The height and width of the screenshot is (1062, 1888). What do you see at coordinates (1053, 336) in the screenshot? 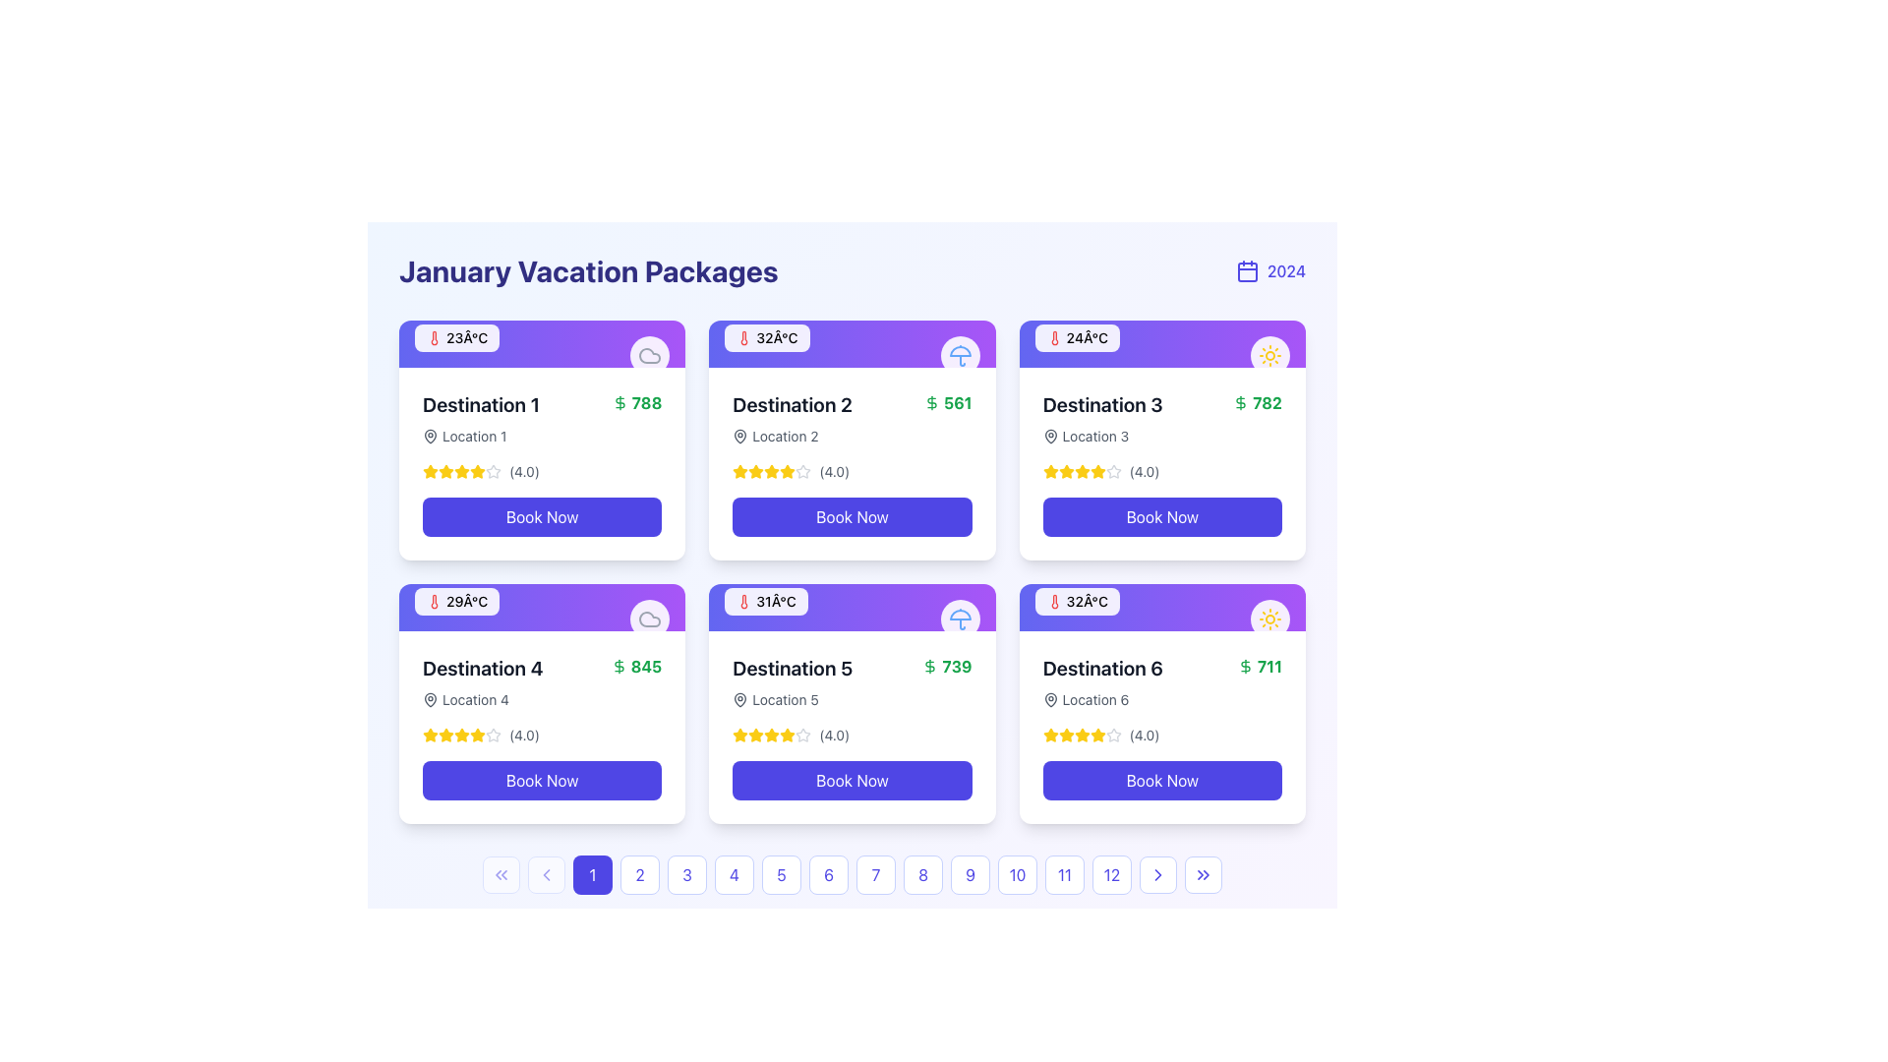
I see `the temperature indicated by the thermometer icon representing '24°C' on the 'Destination 3' card, located in the grid layout` at bounding box center [1053, 336].